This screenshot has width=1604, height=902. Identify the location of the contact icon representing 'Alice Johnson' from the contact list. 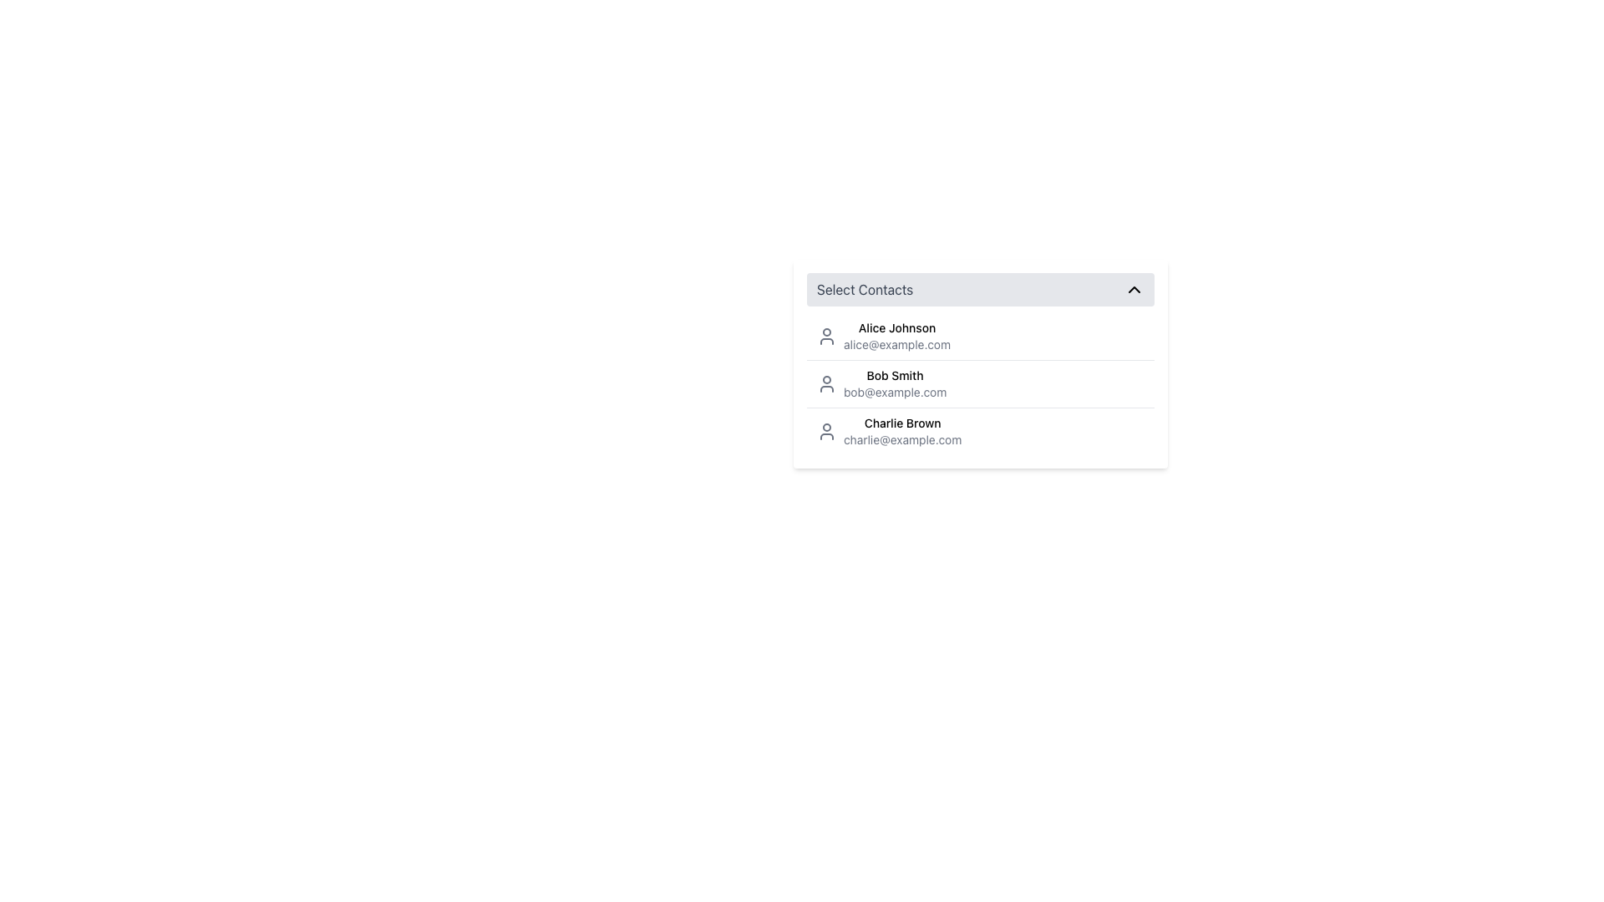
(826, 336).